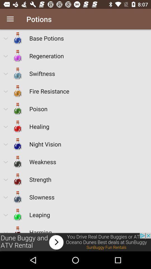 Image resolution: width=151 pixels, height=269 pixels. Describe the element at coordinates (75, 242) in the screenshot. I see `advertisement` at that location.